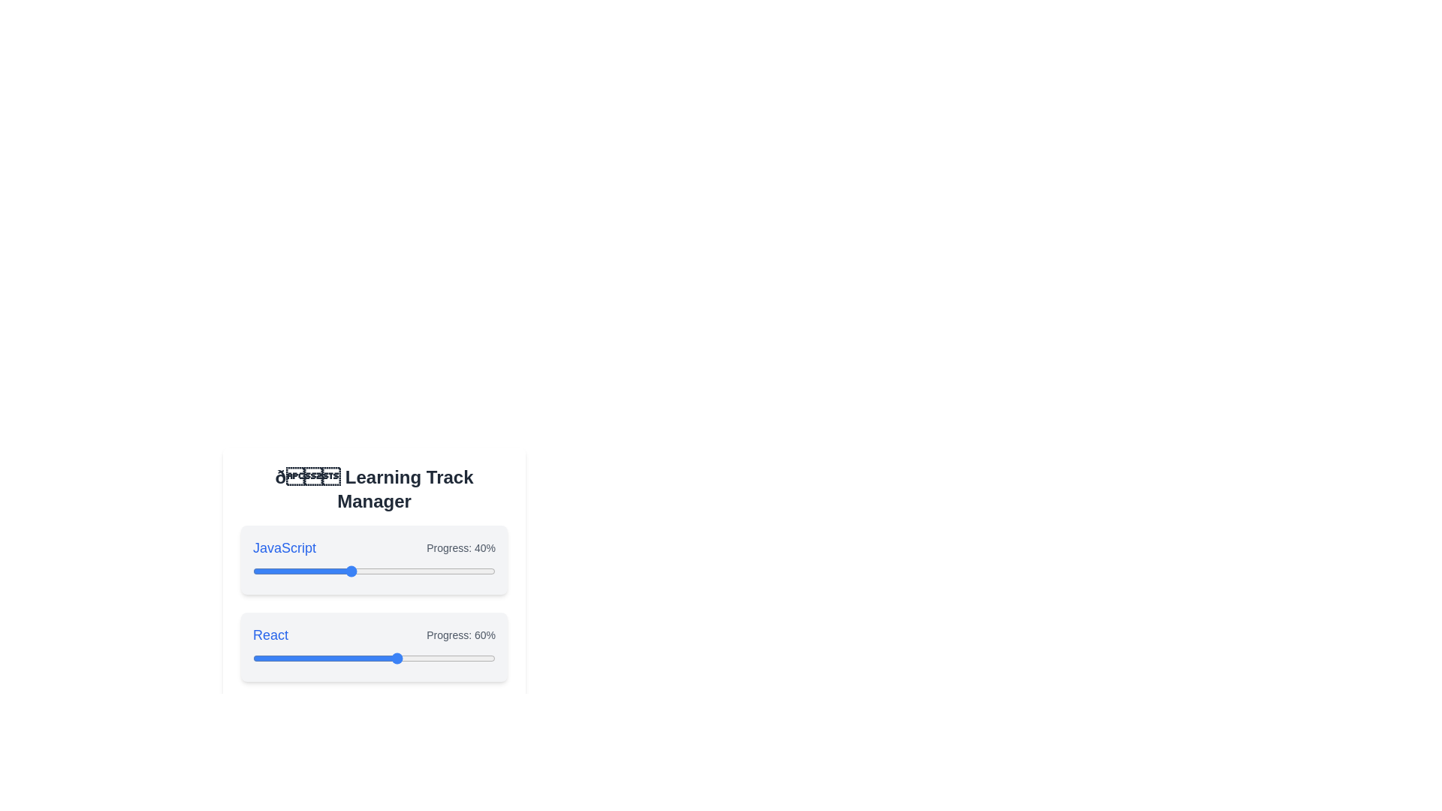 The height and width of the screenshot is (811, 1442). I want to click on the prominent blue text label 'JavaScript', so click(285, 547).